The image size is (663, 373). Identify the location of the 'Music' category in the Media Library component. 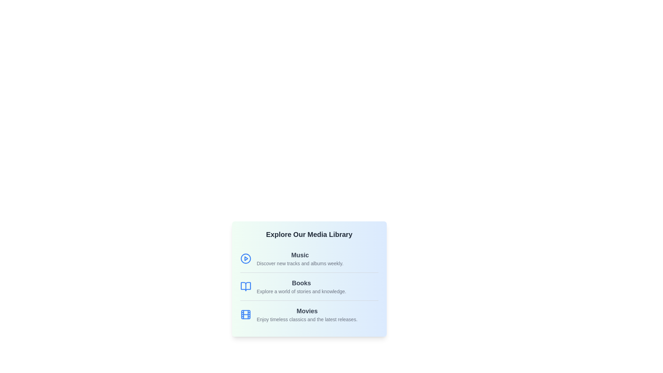
(300, 255).